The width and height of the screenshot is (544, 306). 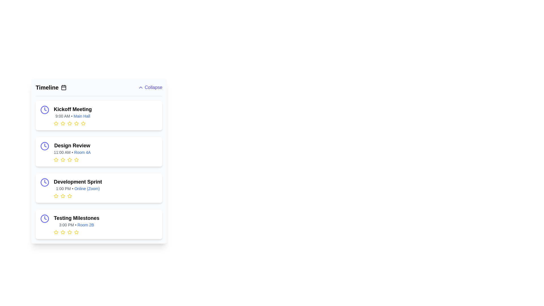 I want to click on the first yellow Rating Star in the rating section of the 'Testing Milestones' entry, so click(x=56, y=232).